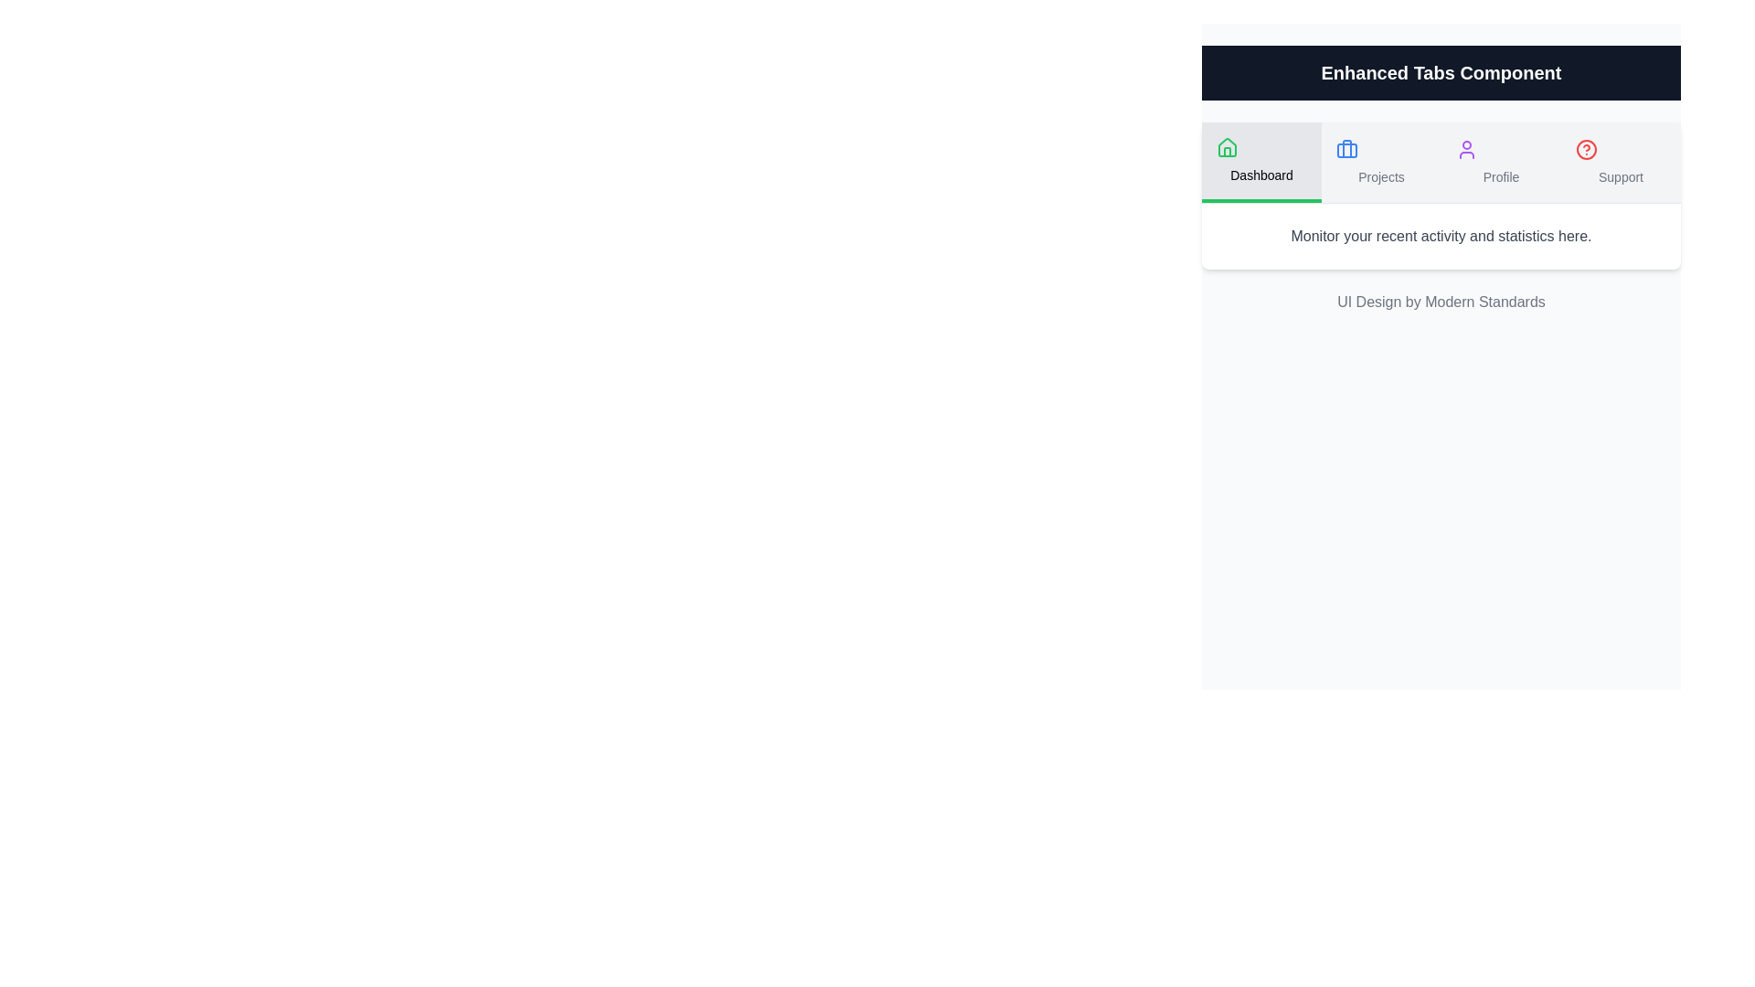  I want to click on the 'Dashboard' tab, which features a green house icon and a green bottom border, indicating it is selected, so click(1260, 161).